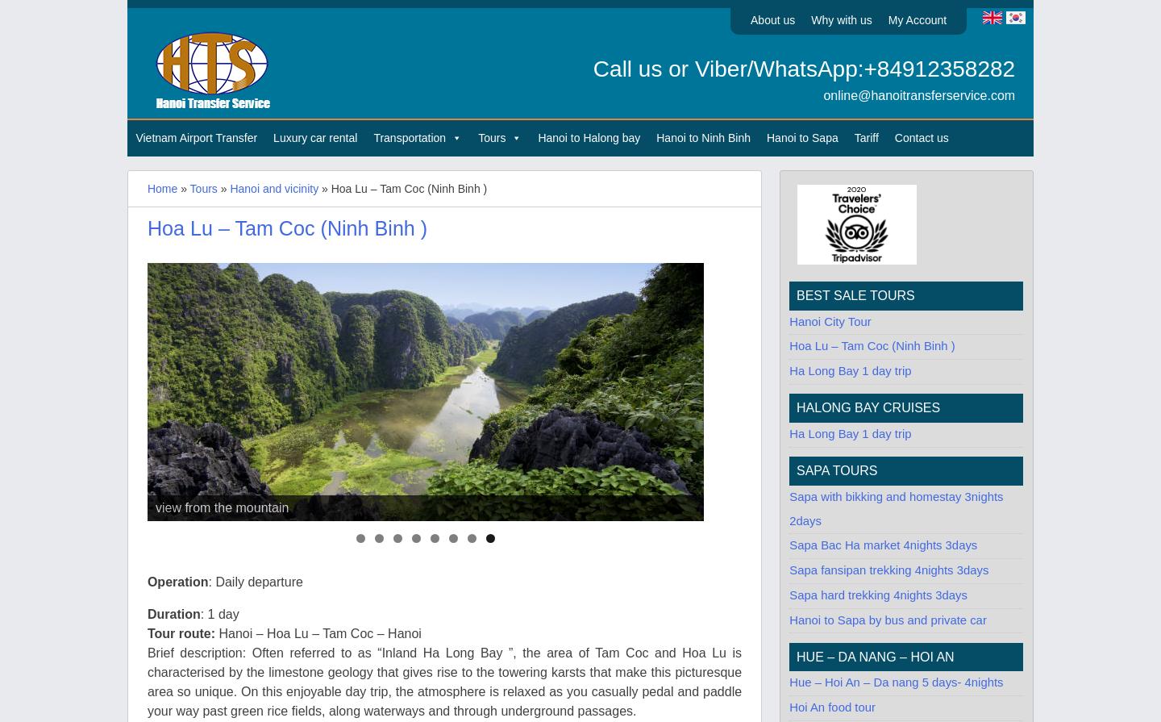 The image size is (1161, 722). I want to click on 'North Vietnam', so click(513, 172).